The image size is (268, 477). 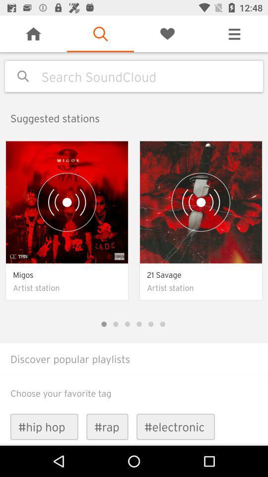 What do you see at coordinates (107, 426) in the screenshot?
I see `the icon next to #hip hop` at bounding box center [107, 426].